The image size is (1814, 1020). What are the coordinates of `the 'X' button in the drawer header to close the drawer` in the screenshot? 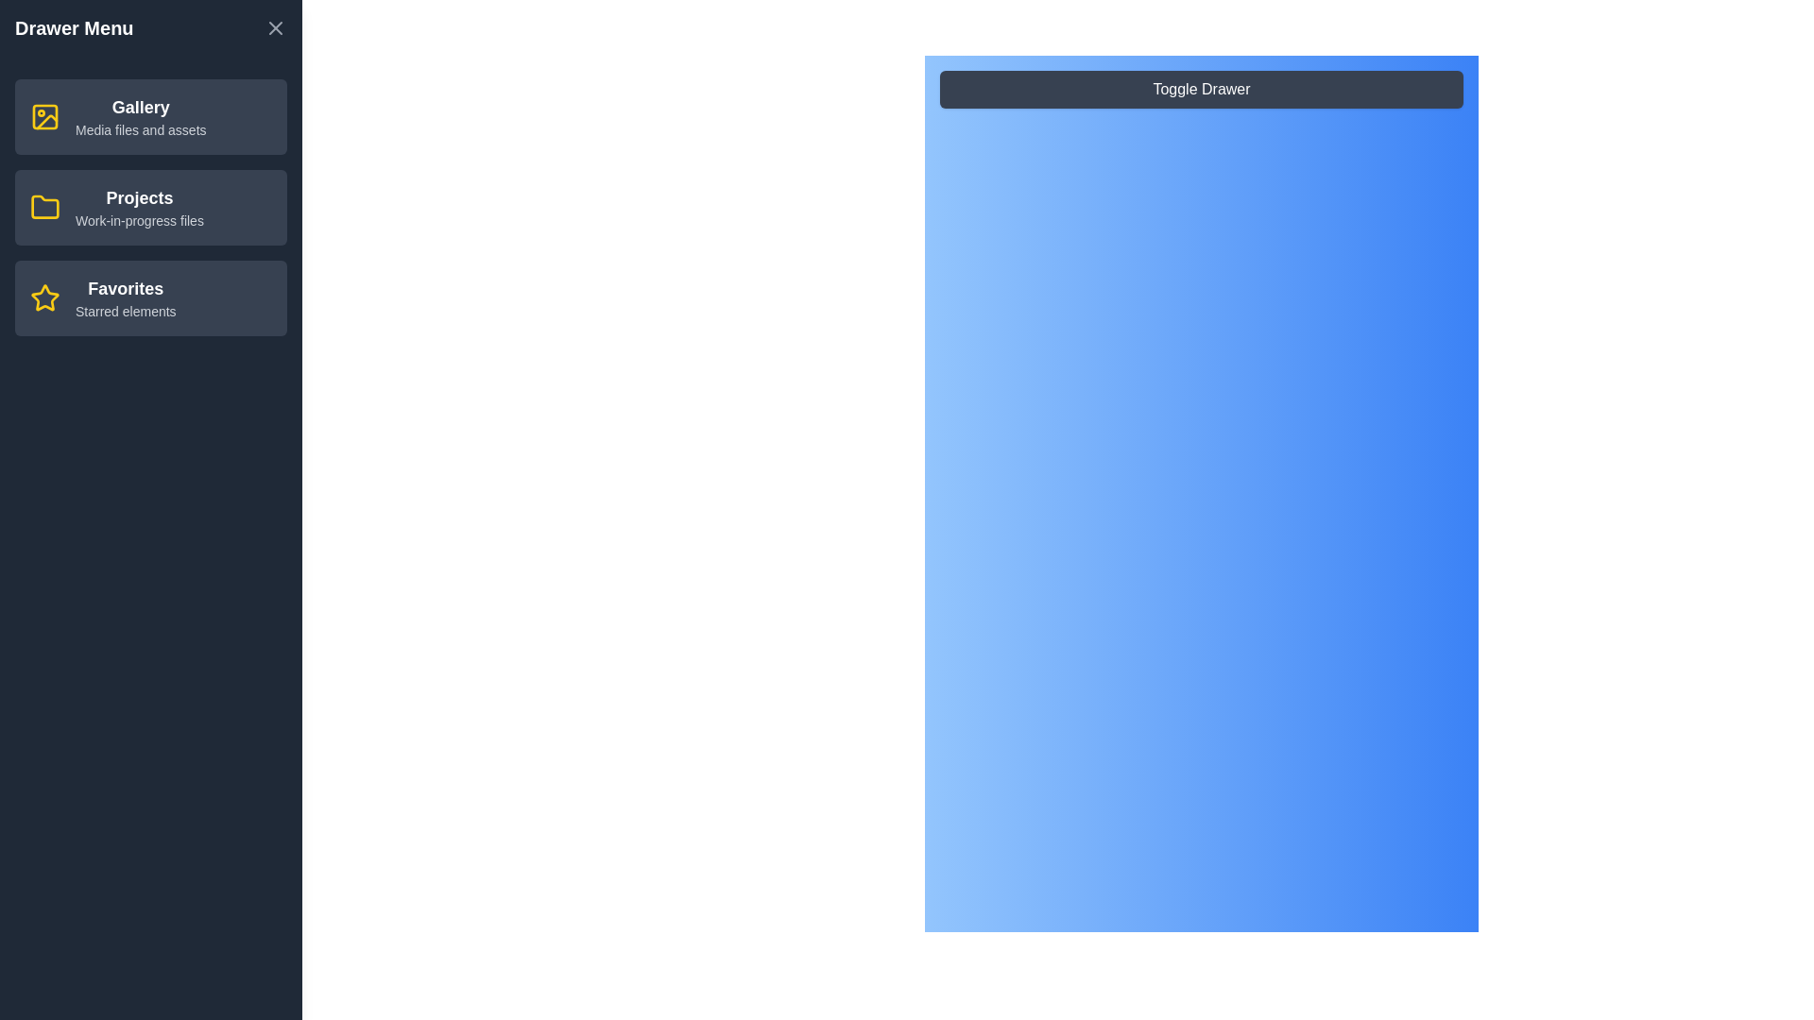 It's located at (275, 28).